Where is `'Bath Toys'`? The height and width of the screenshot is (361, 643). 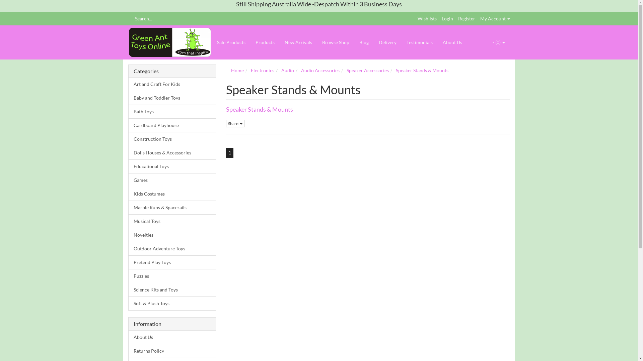
'Bath Toys' is located at coordinates (172, 111).